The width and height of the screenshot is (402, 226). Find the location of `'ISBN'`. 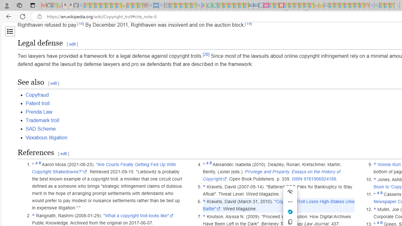

'ISBN' is located at coordinates (296, 179).